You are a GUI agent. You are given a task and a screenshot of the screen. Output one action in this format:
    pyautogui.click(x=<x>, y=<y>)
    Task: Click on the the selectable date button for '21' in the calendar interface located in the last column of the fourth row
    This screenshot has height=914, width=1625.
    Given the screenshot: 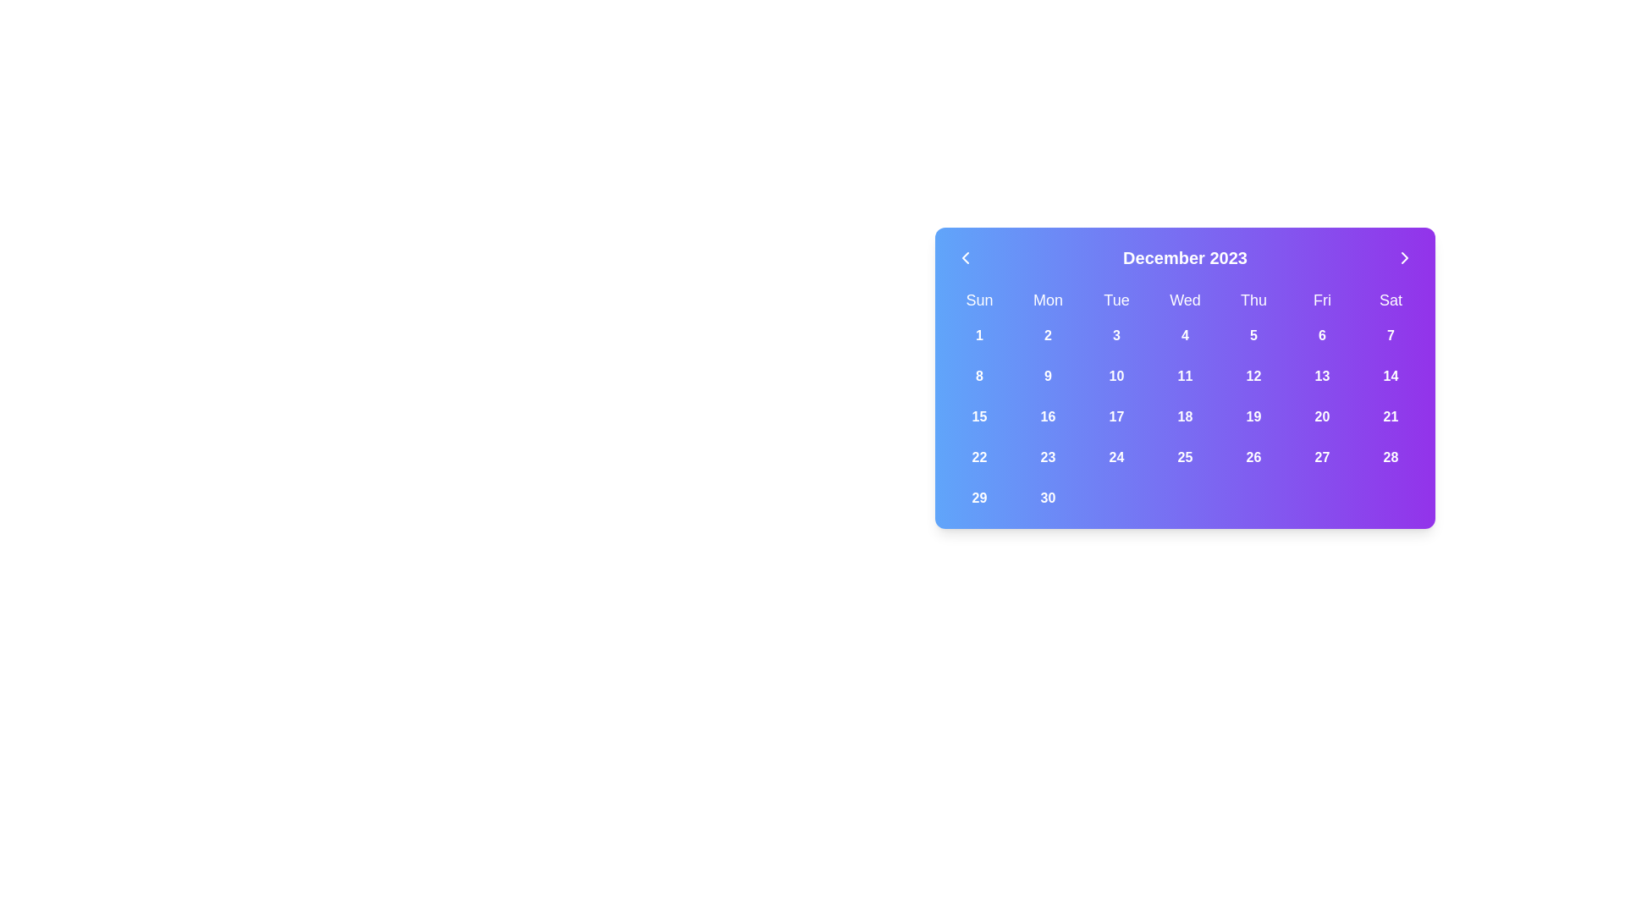 What is the action you would take?
    pyautogui.click(x=1391, y=417)
    